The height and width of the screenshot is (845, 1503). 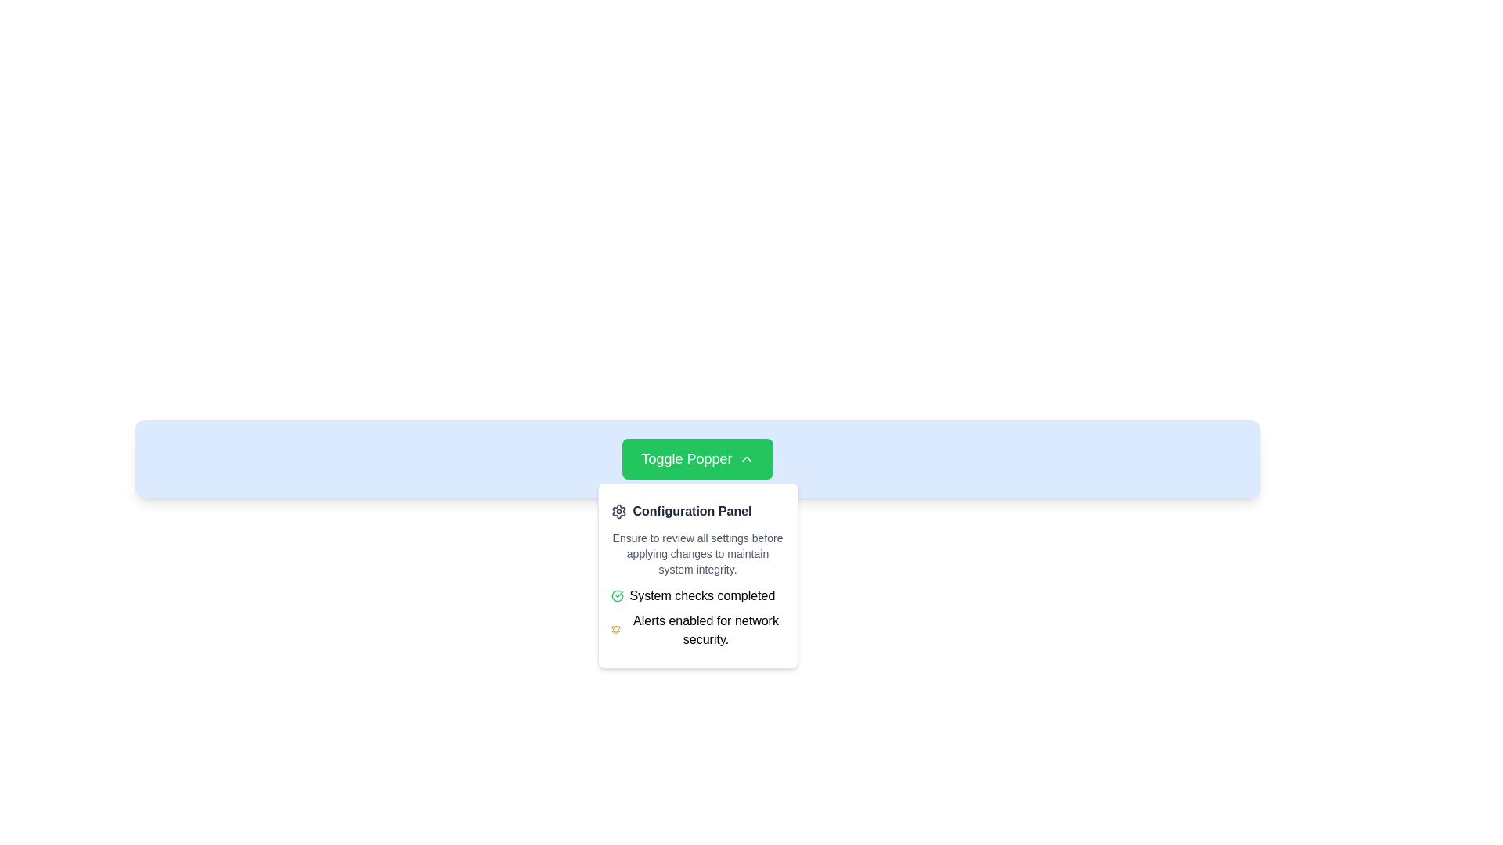 I want to click on informational text element that displays 'System checks completed' with a green checkmark icon on the left, positioned below the 'Toggle Popper' button, so click(x=697, y=596).